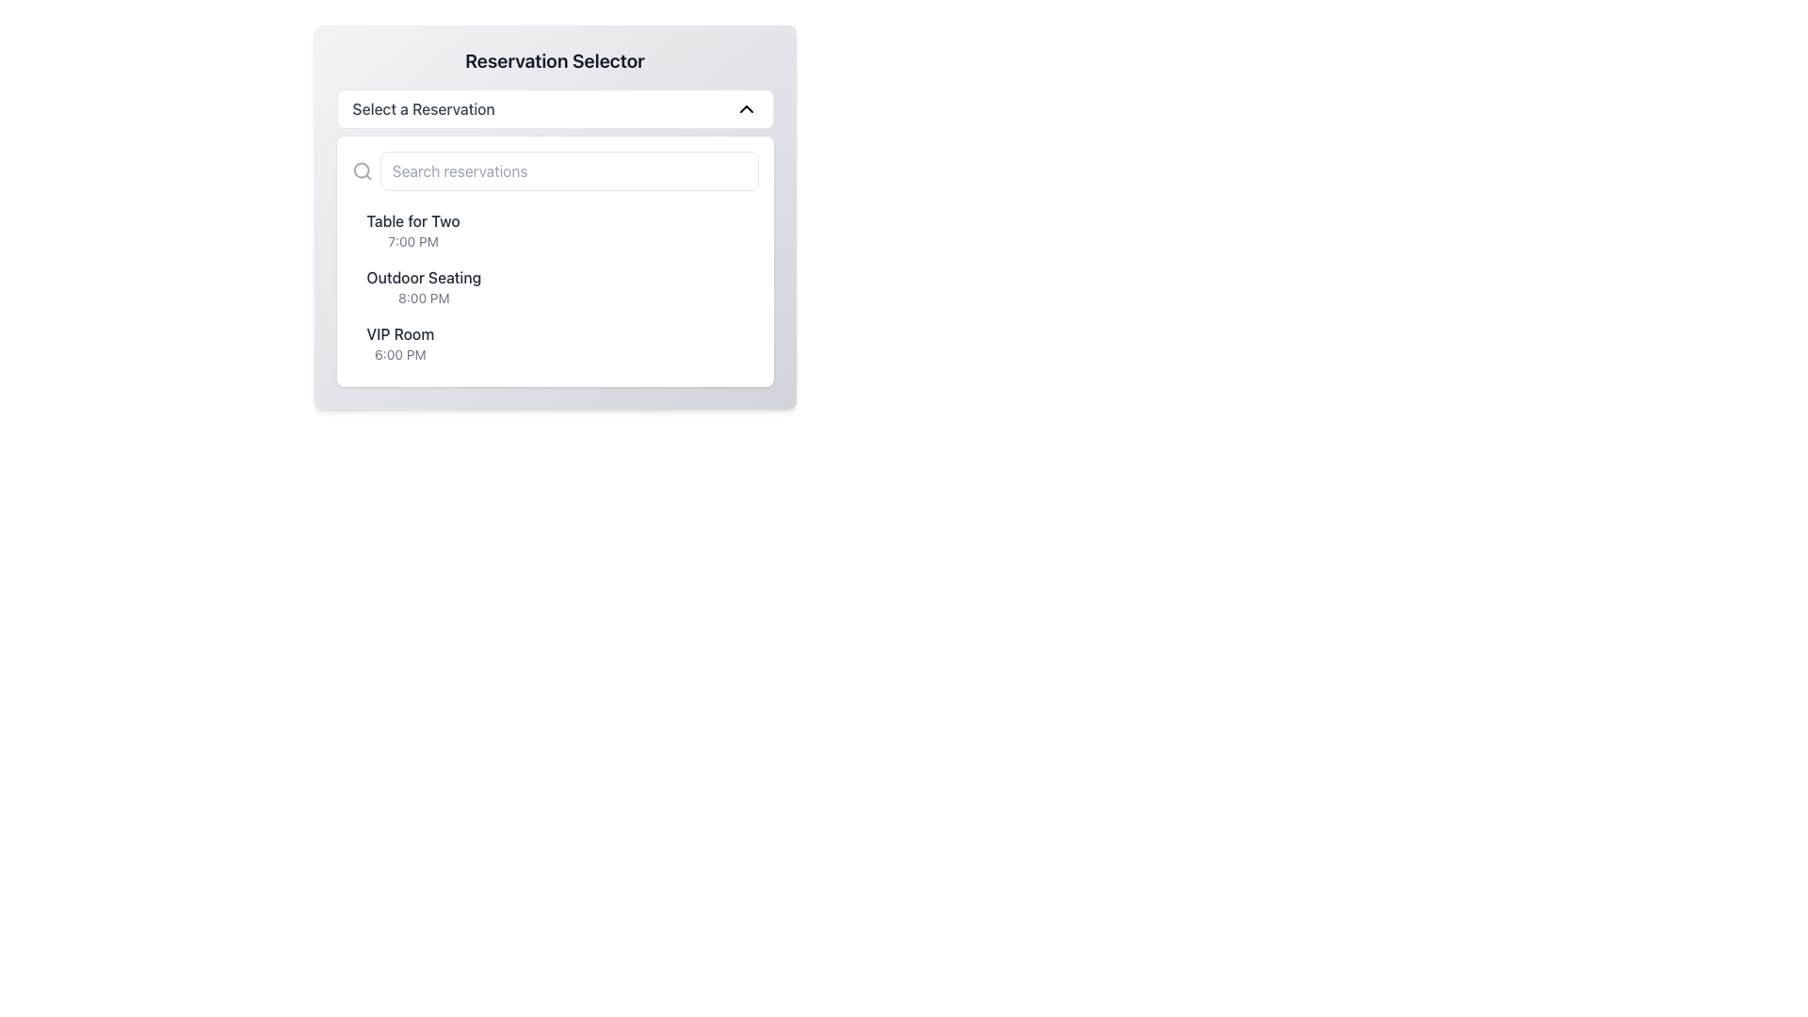 The image size is (1808, 1017). I want to click on the list item indicating the 'VIP Room' reservation at 6:00 PM, so click(554, 344).